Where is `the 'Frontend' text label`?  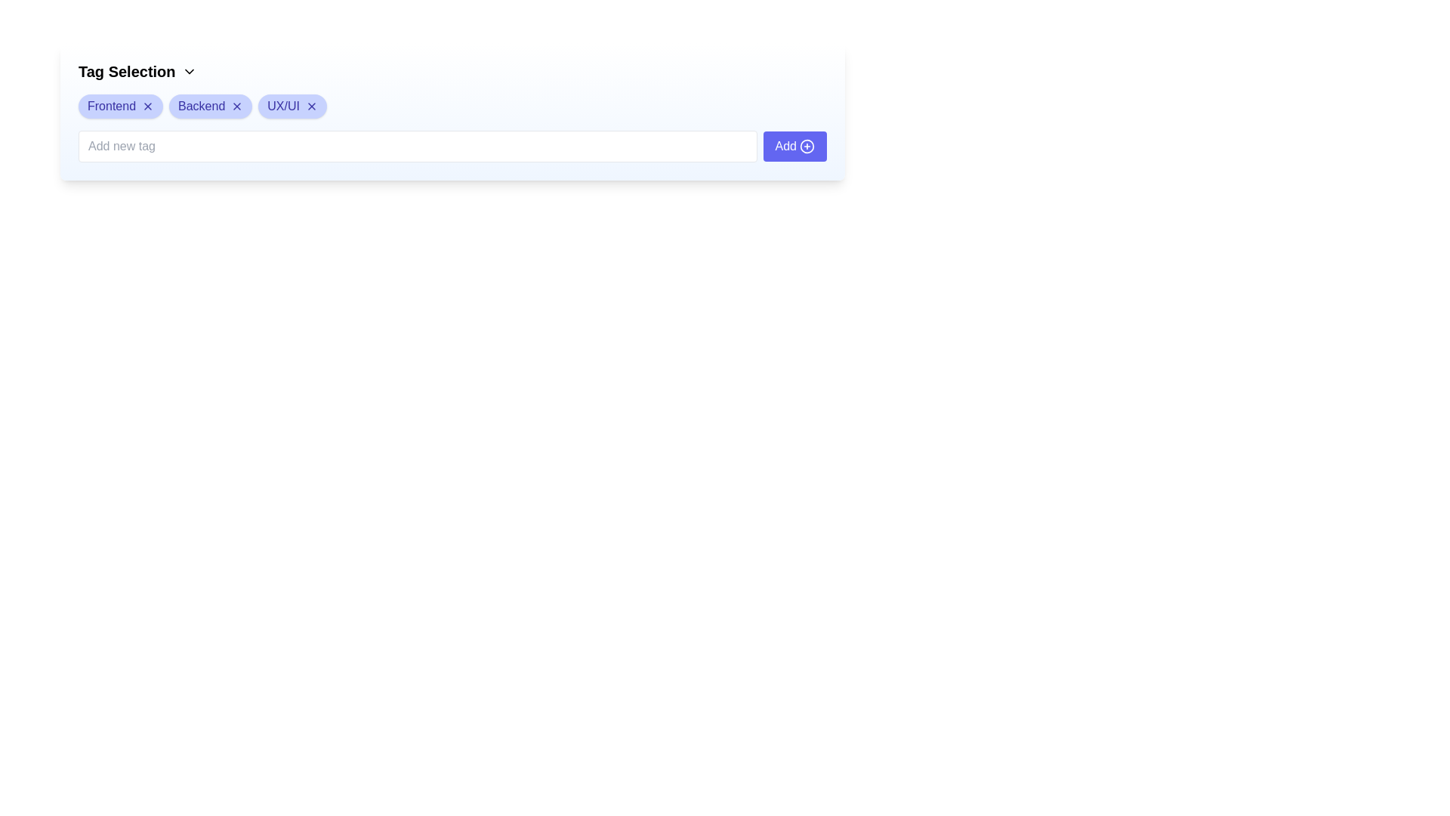
the 'Frontend' text label is located at coordinates (111, 106).